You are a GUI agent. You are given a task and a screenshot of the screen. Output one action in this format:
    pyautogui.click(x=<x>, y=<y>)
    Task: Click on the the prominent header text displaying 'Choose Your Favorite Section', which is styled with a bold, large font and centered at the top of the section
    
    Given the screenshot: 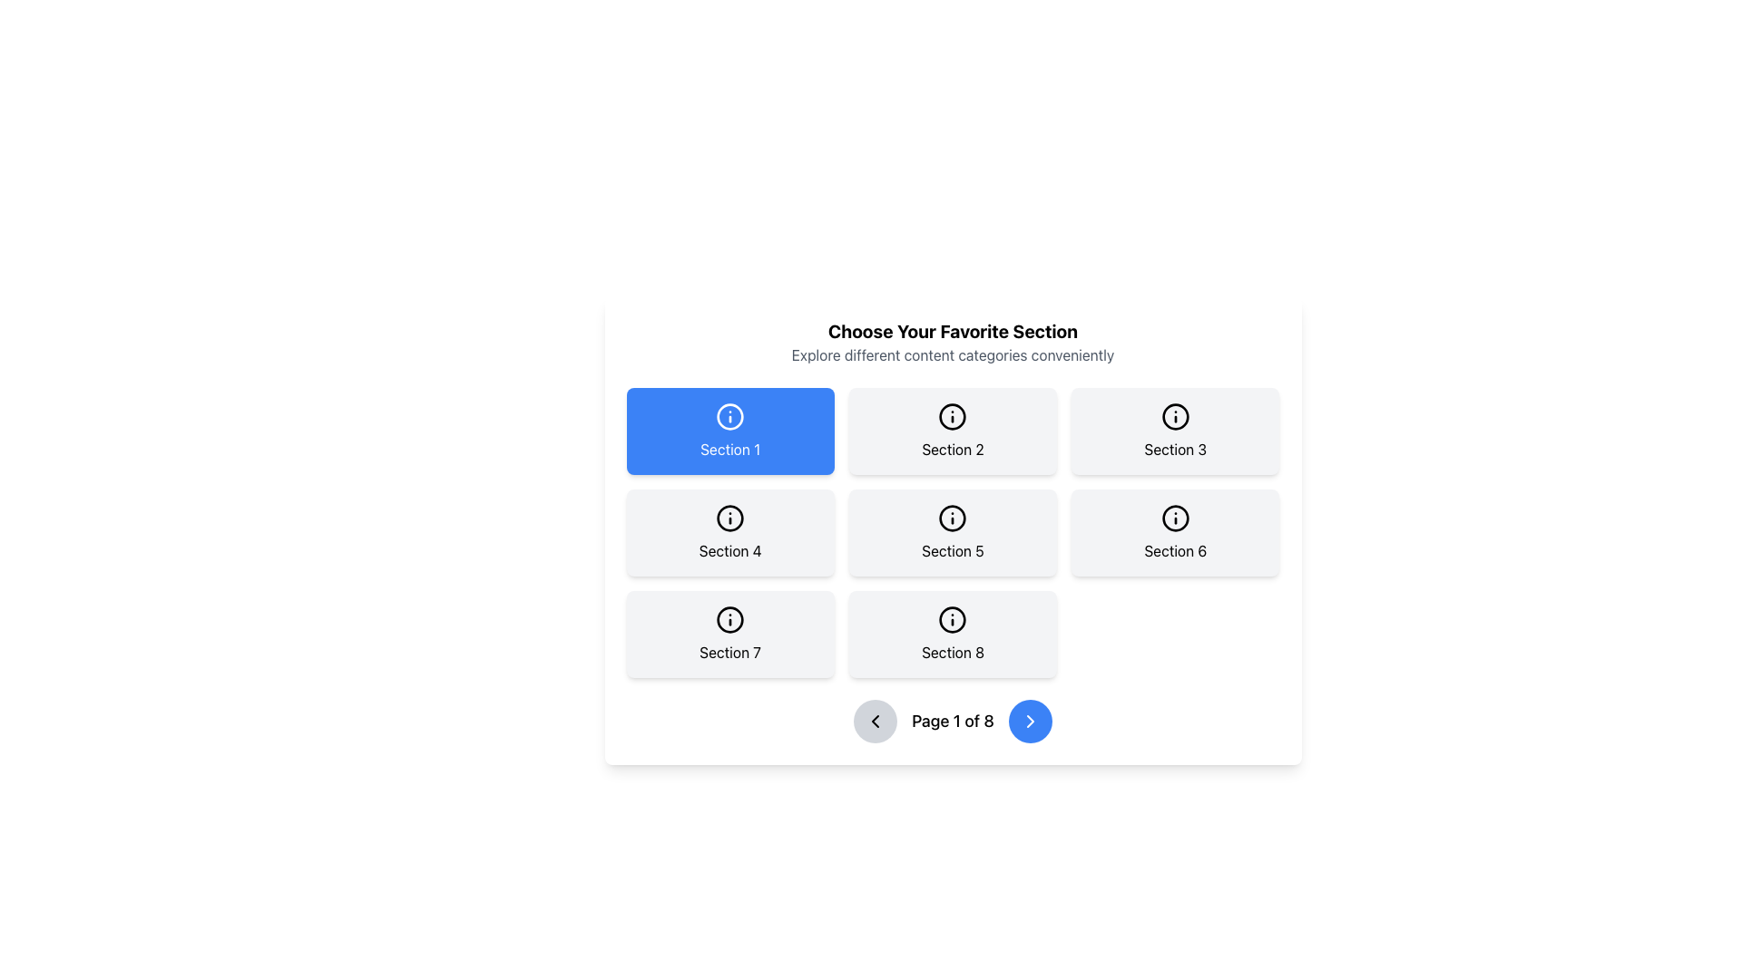 What is the action you would take?
    pyautogui.click(x=952, y=332)
    